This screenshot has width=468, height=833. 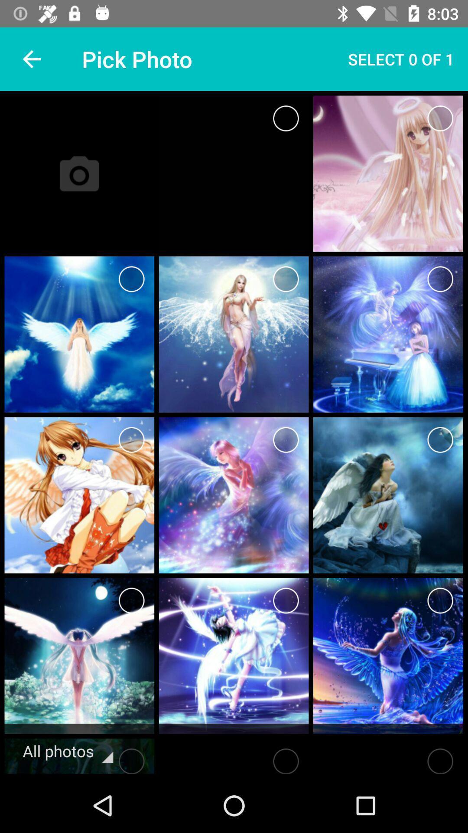 What do you see at coordinates (440, 279) in the screenshot?
I see `photo` at bounding box center [440, 279].